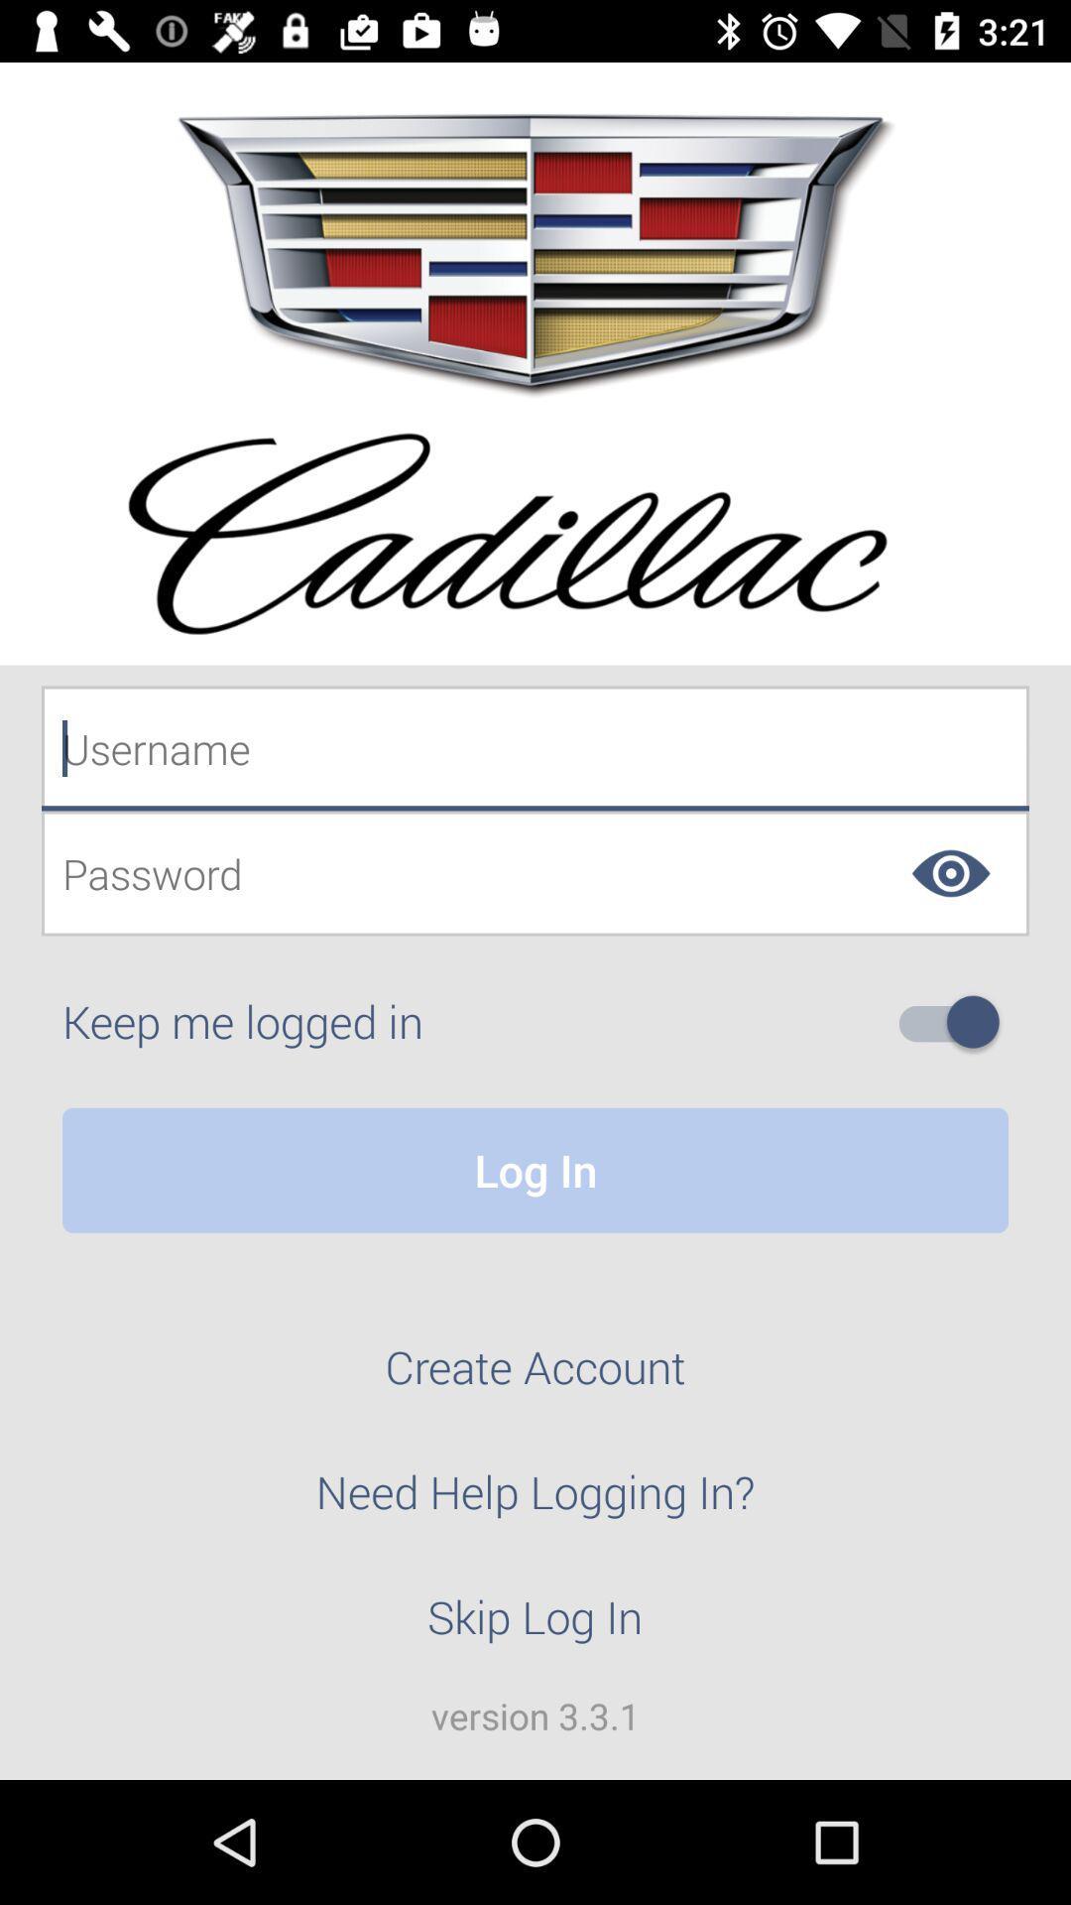 The width and height of the screenshot is (1071, 1905). I want to click on do not keep me logged in, so click(956, 1022).